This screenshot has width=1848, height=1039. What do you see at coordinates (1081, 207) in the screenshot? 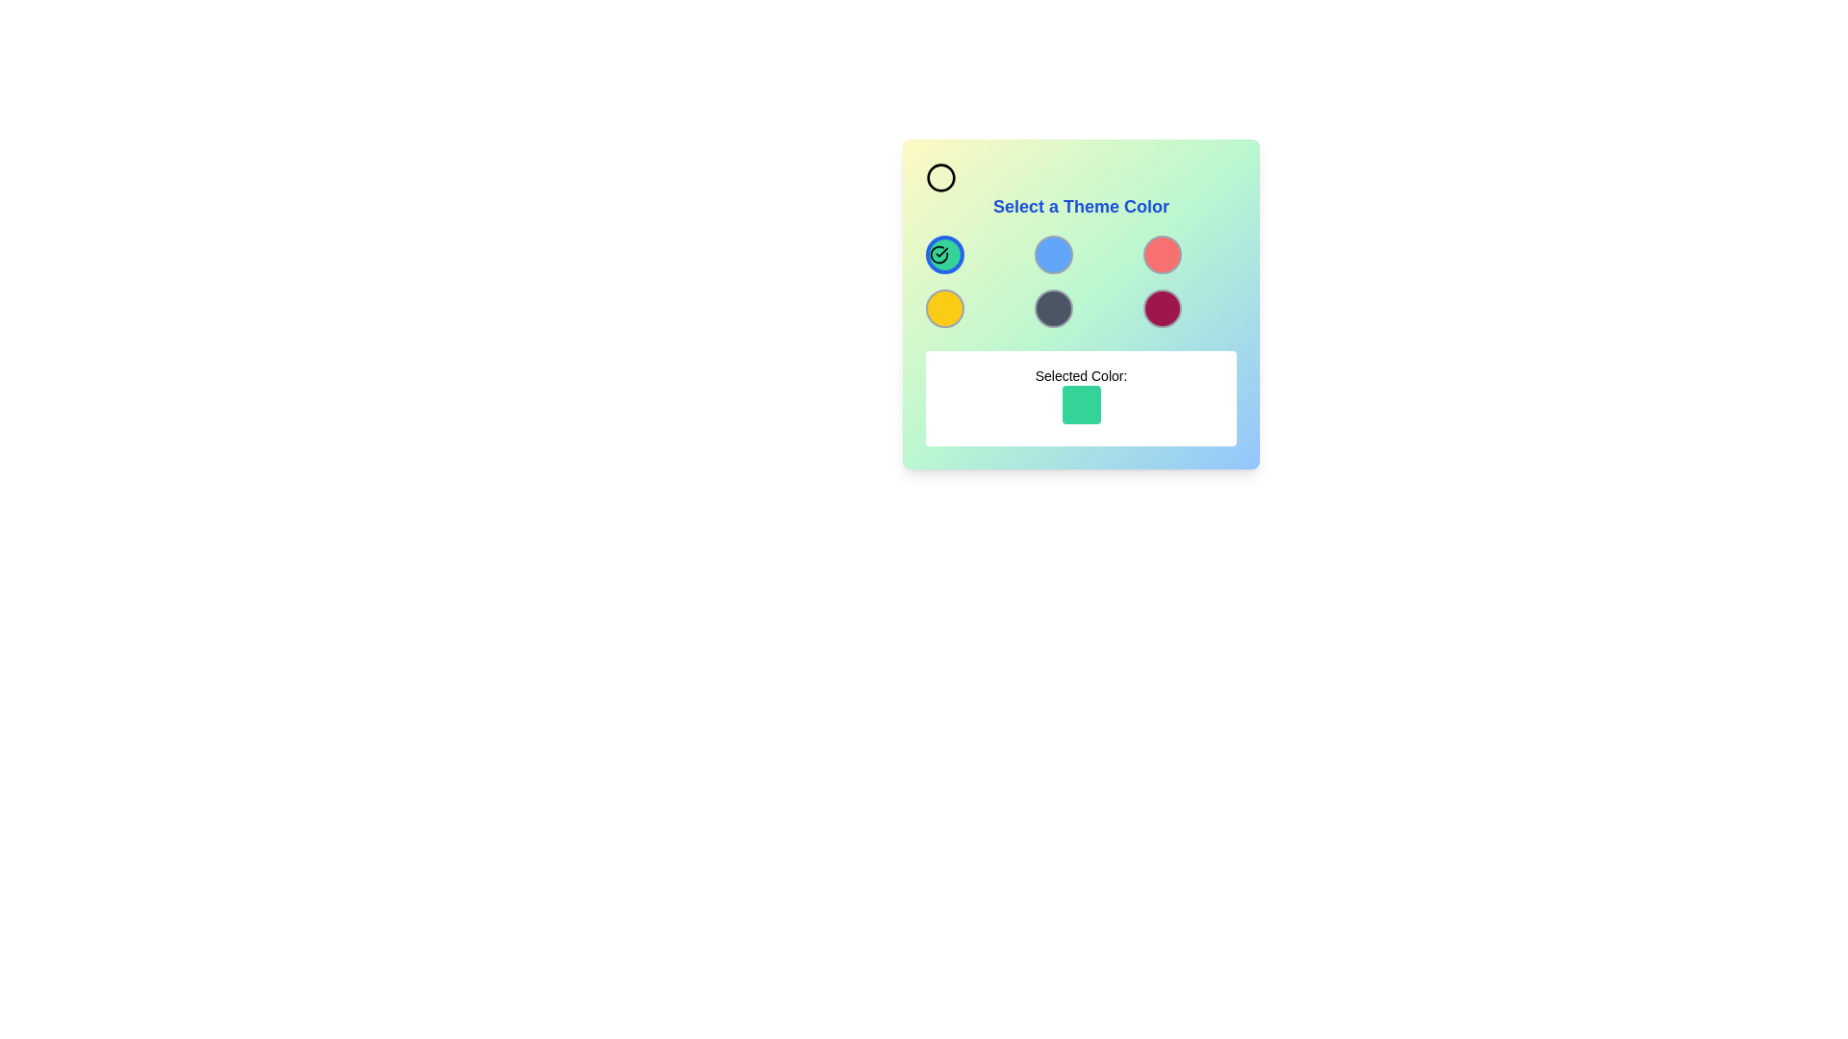
I see `descriptive heading text located centrally at the top of the color selection panel, right below the circular icon` at bounding box center [1081, 207].